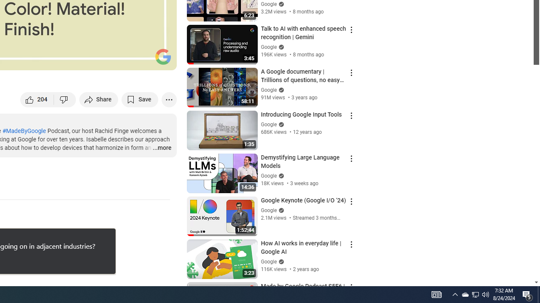  Describe the element at coordinates (351, 287) in the screenshot. I see `'Action menu'` at that location.